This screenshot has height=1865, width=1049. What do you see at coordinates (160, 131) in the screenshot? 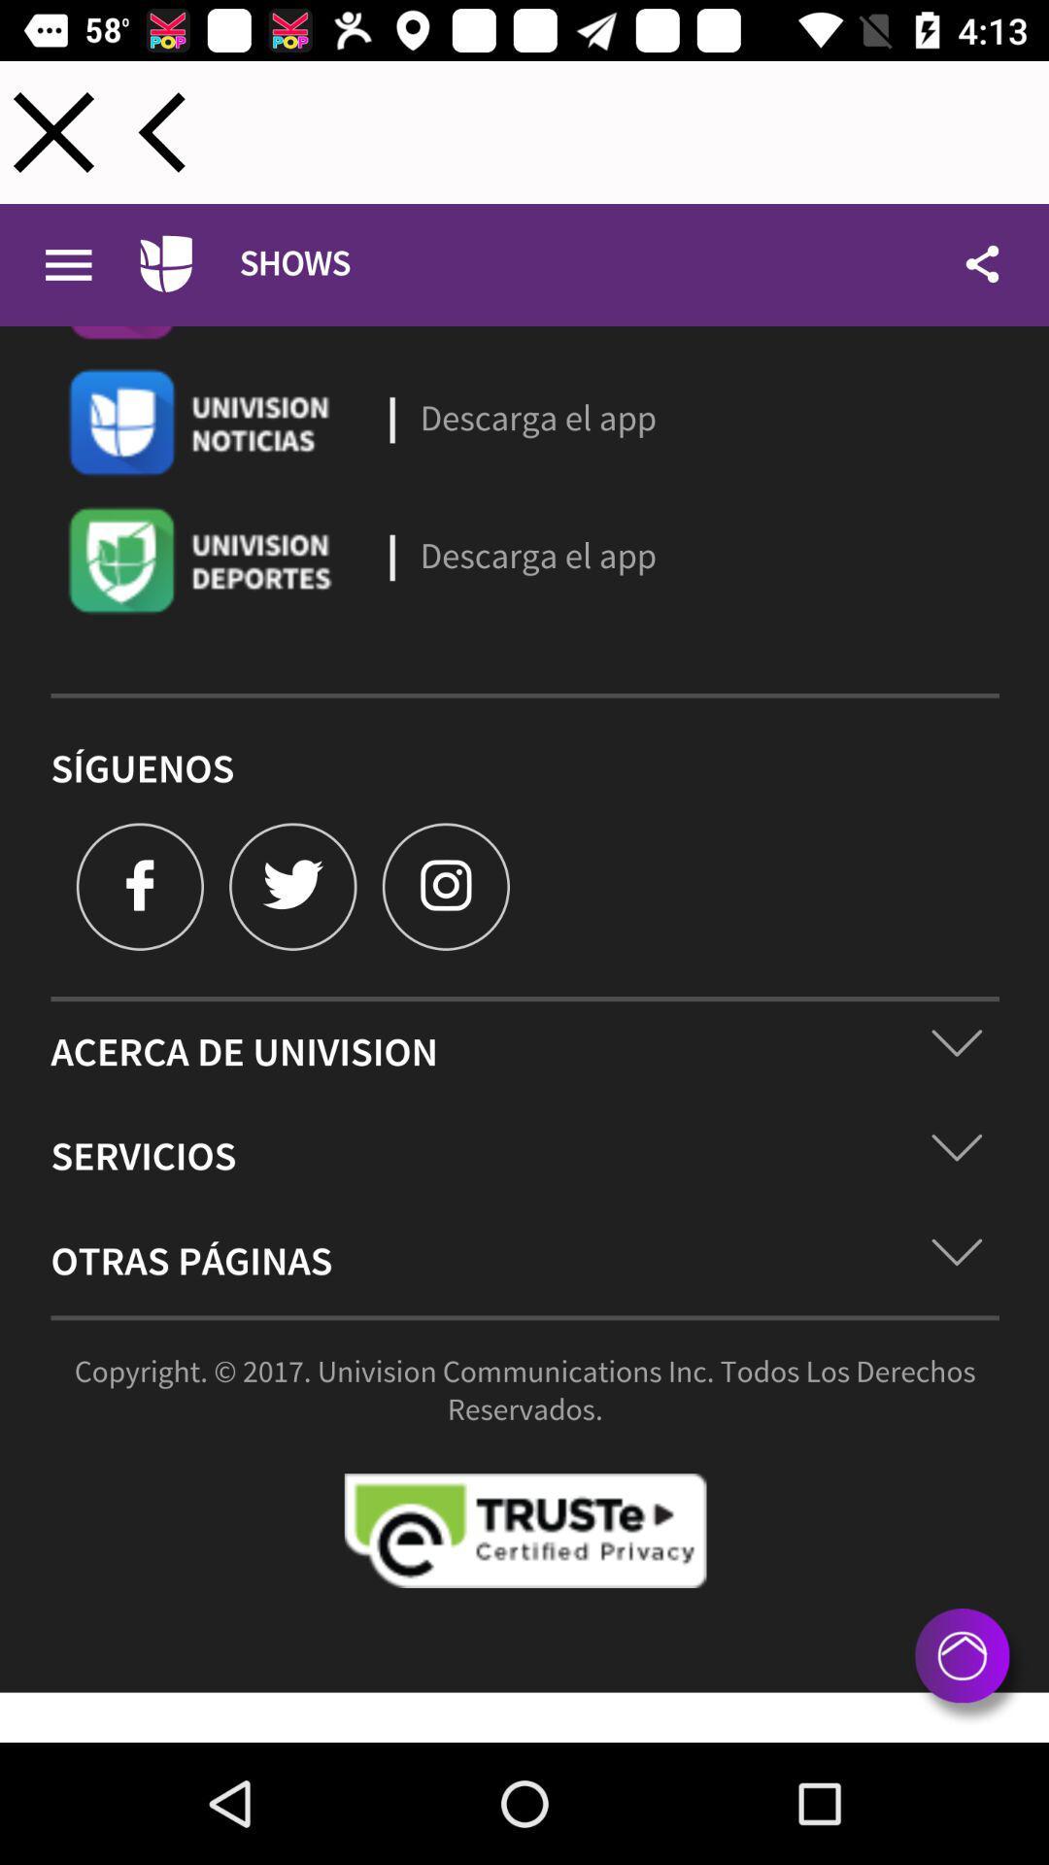
I see `the arrow_backward icon` at bounding box center [160, 131].